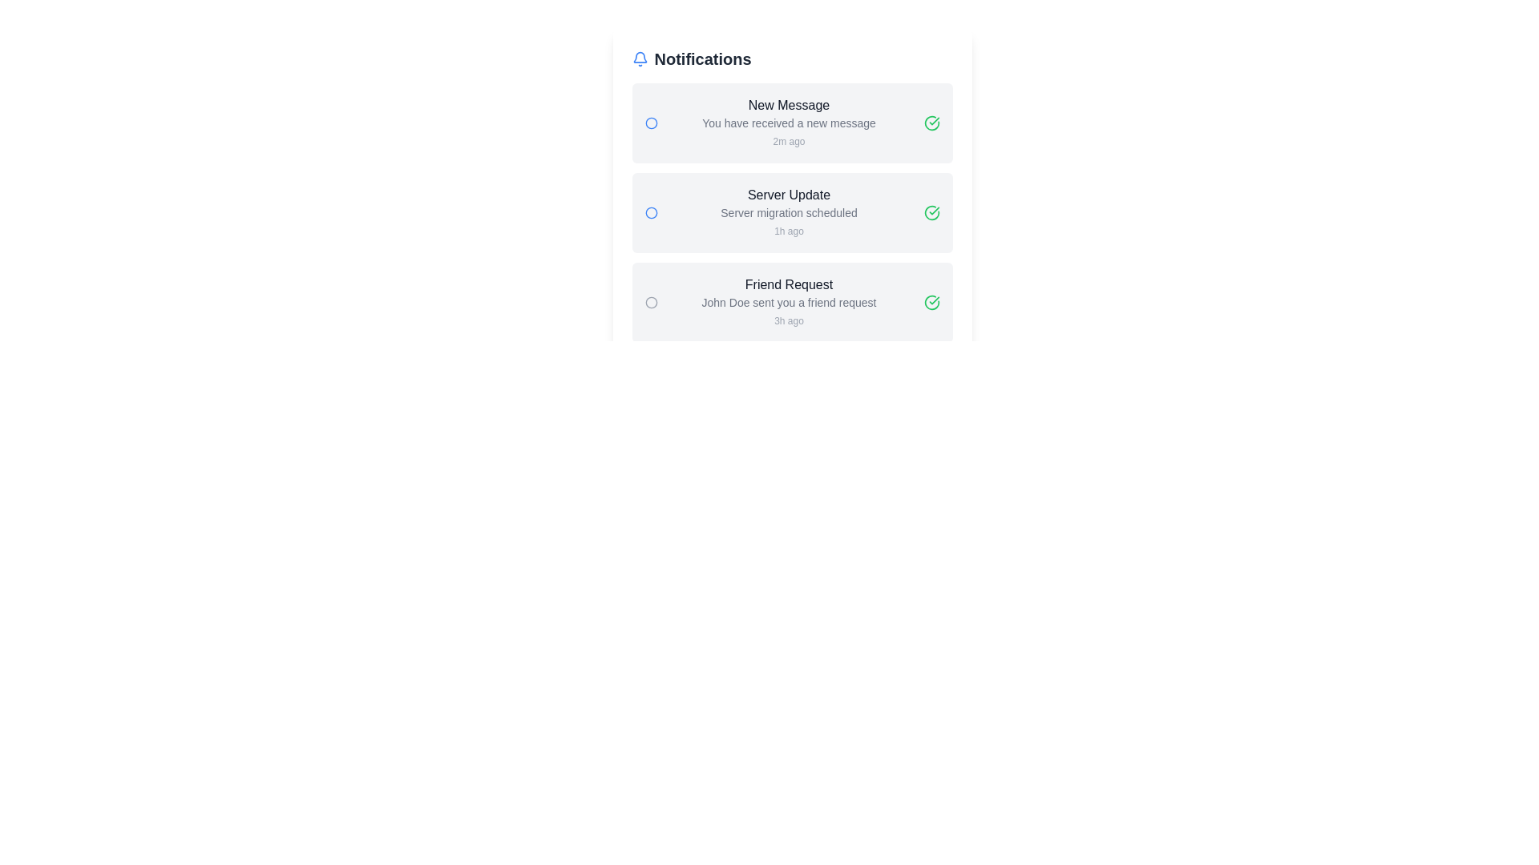  Describe the element at coordinates (792, 303) in the screenshot. I see `the interactive elements of the Notification Card displaying a friend request from 'John Doe', which is the third notification card in a vertical list` at that location.